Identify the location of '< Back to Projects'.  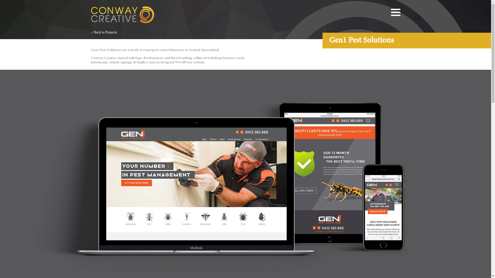
(103, 33).